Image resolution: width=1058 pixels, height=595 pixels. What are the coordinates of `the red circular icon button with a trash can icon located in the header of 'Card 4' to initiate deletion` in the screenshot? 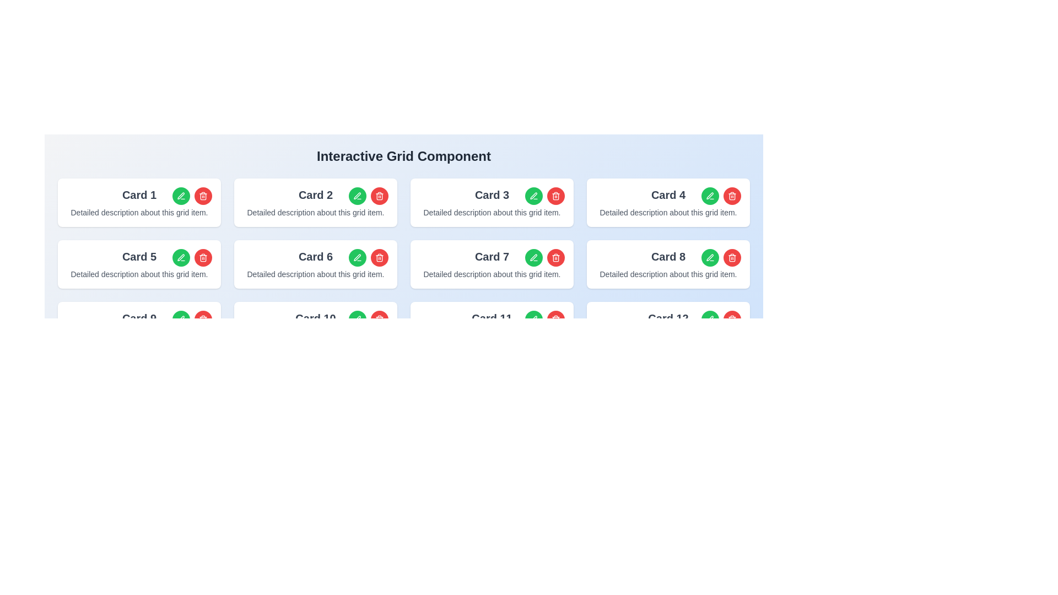 It's located at (721, 195).